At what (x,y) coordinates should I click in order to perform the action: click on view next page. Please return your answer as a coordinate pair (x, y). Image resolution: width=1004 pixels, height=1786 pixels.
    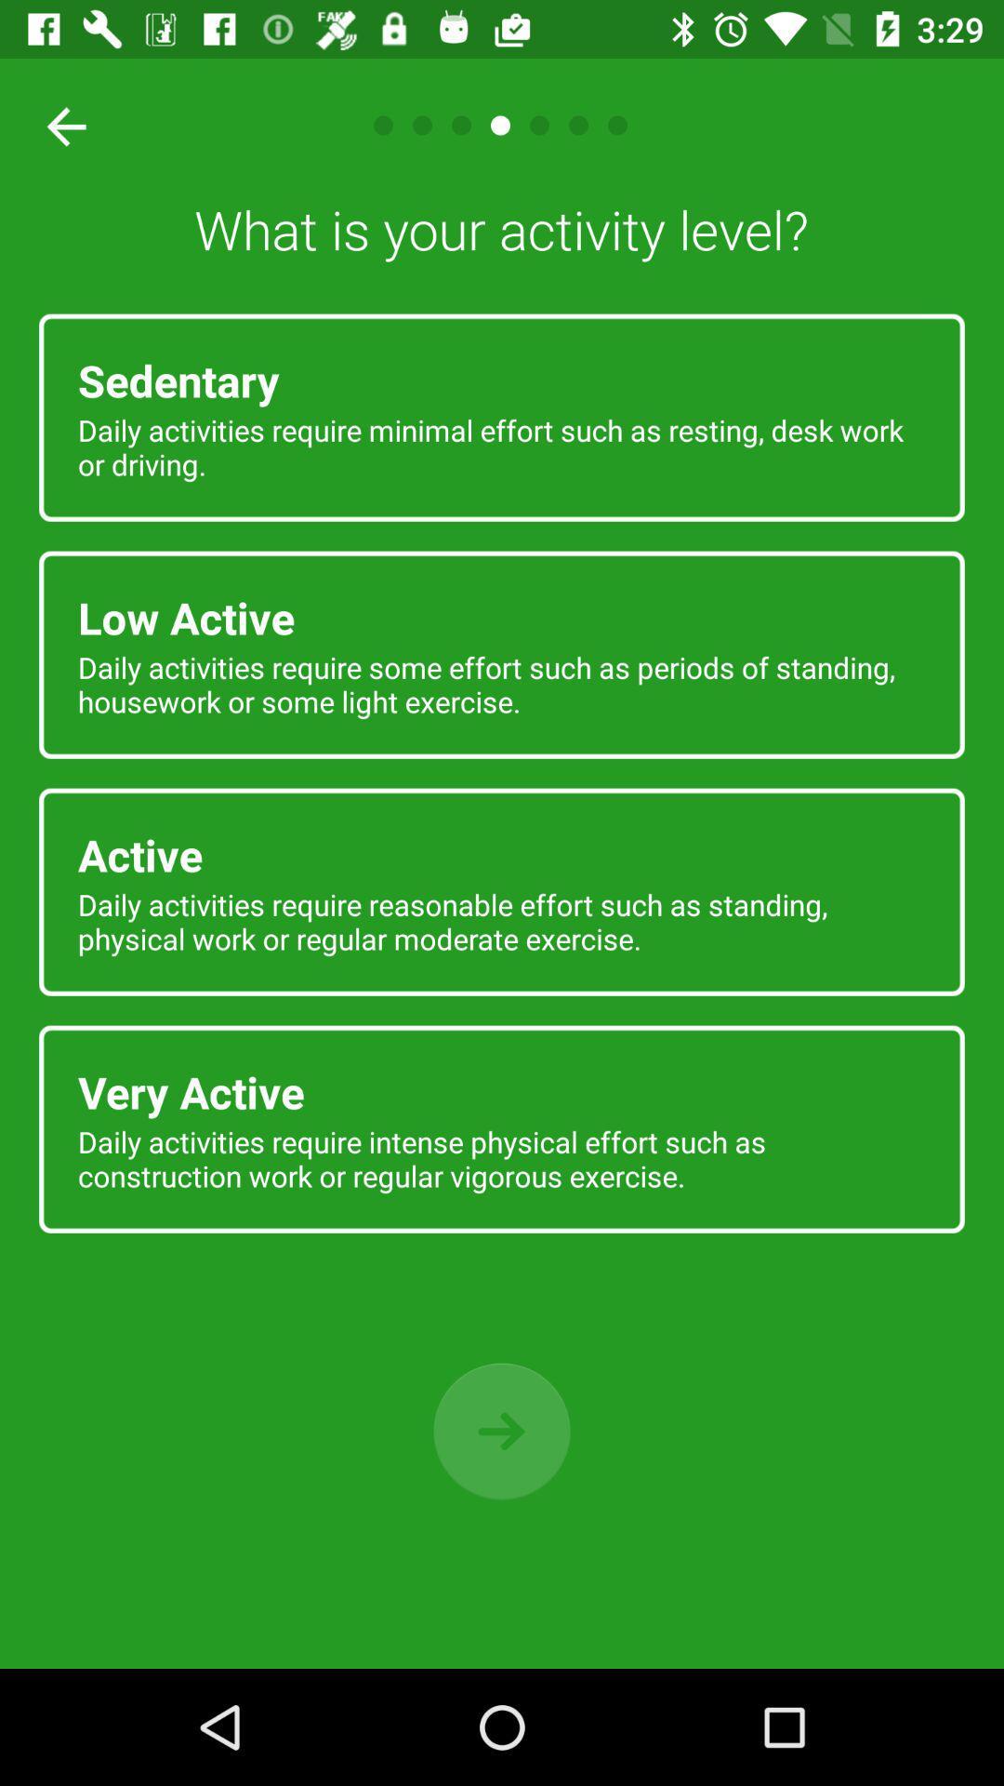
    Looking at the image, I should click on (502, 1431).